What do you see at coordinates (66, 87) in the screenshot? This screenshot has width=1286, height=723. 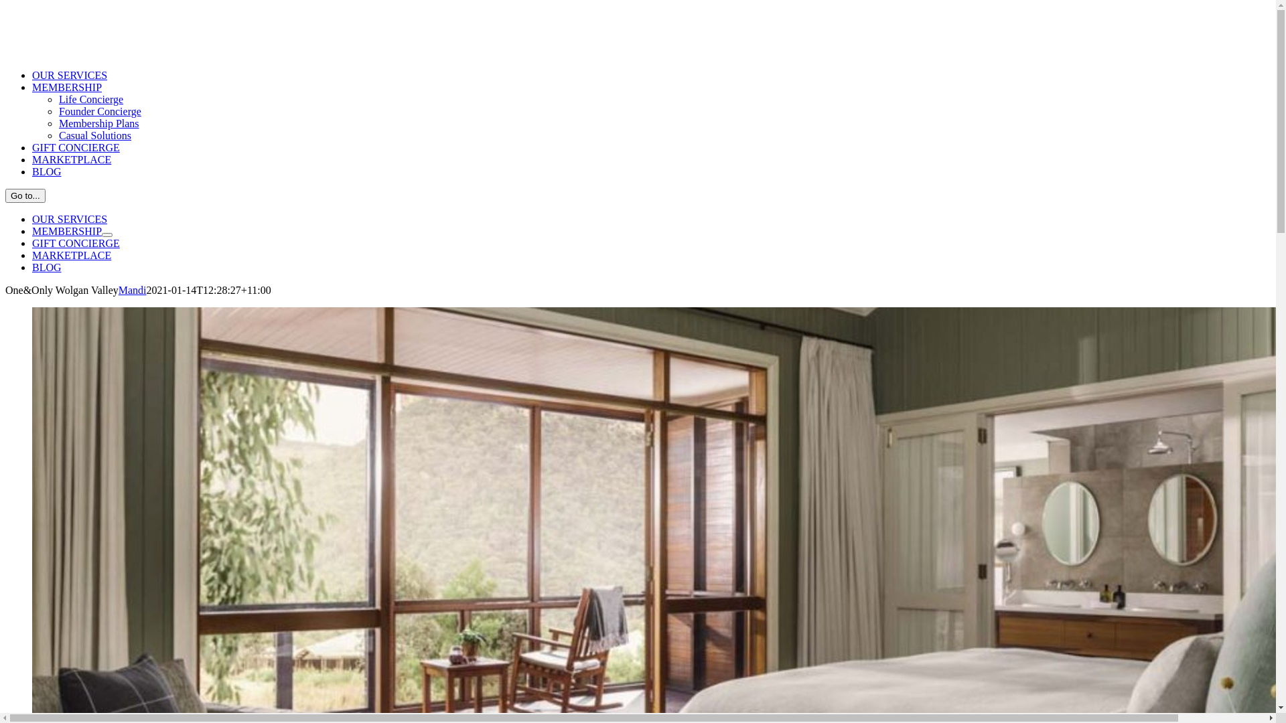 I see `'MEMBERSHIP'` at bounding box center [66, 87].